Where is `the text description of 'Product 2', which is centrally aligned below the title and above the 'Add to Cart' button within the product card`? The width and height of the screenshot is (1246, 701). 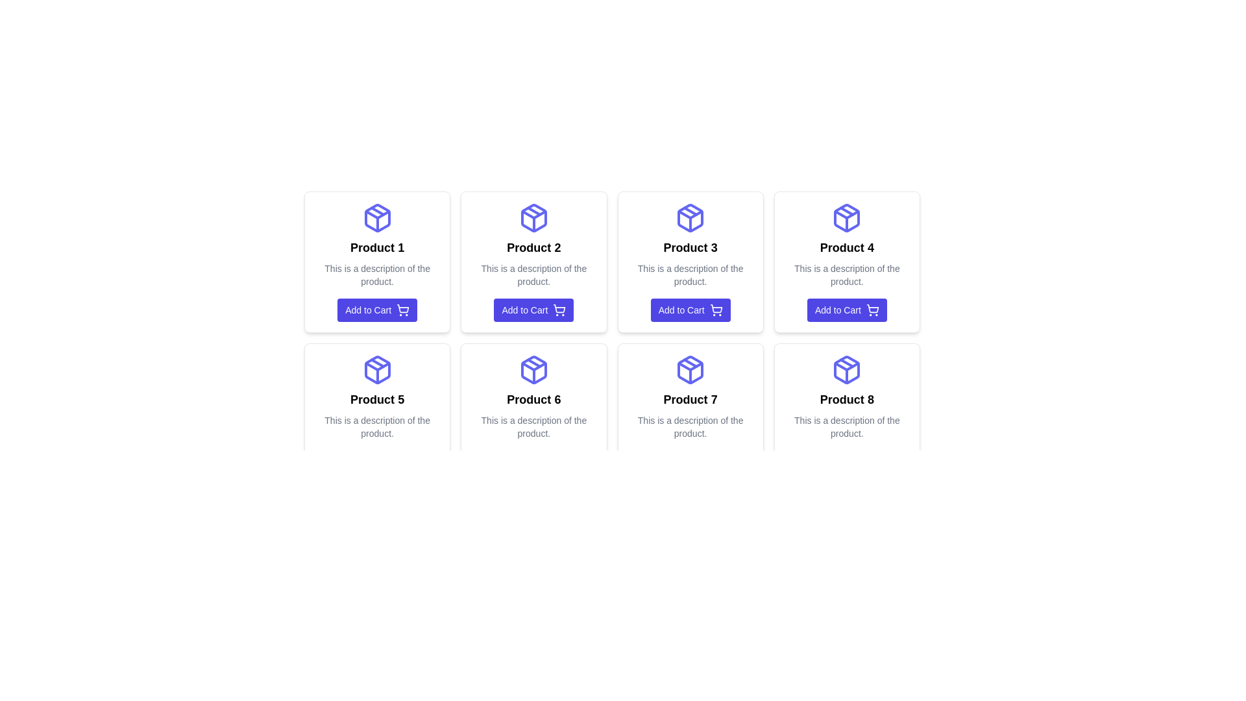
the text description of 'Product 2', which is centrally aligned below the title and above the 'Add to Cart' button within the product card is located at coordinates (533, 275).